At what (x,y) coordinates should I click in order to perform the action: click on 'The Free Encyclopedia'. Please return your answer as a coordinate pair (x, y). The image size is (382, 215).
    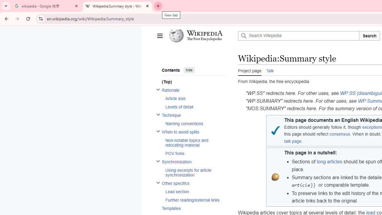
    Looking at the image, I should click on (204, 39).